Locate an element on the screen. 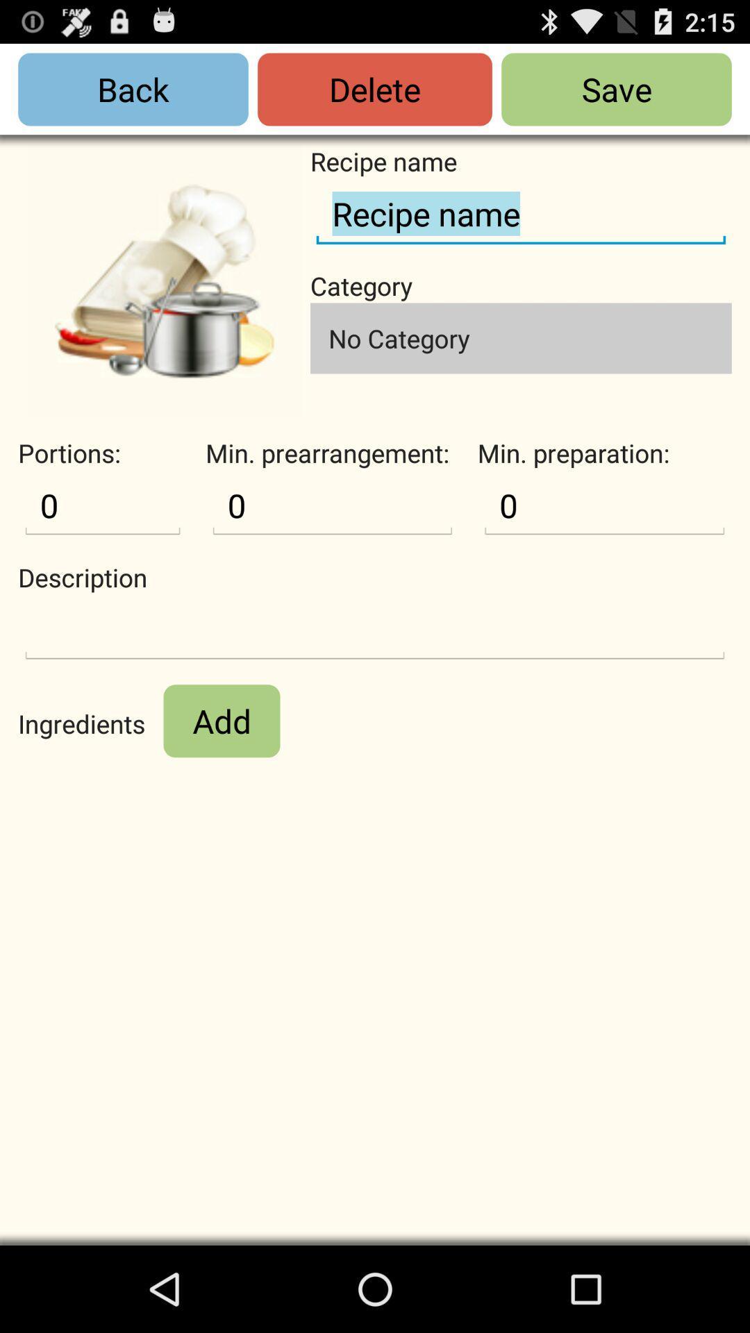  recipe image is located at coordinates (163, 280).